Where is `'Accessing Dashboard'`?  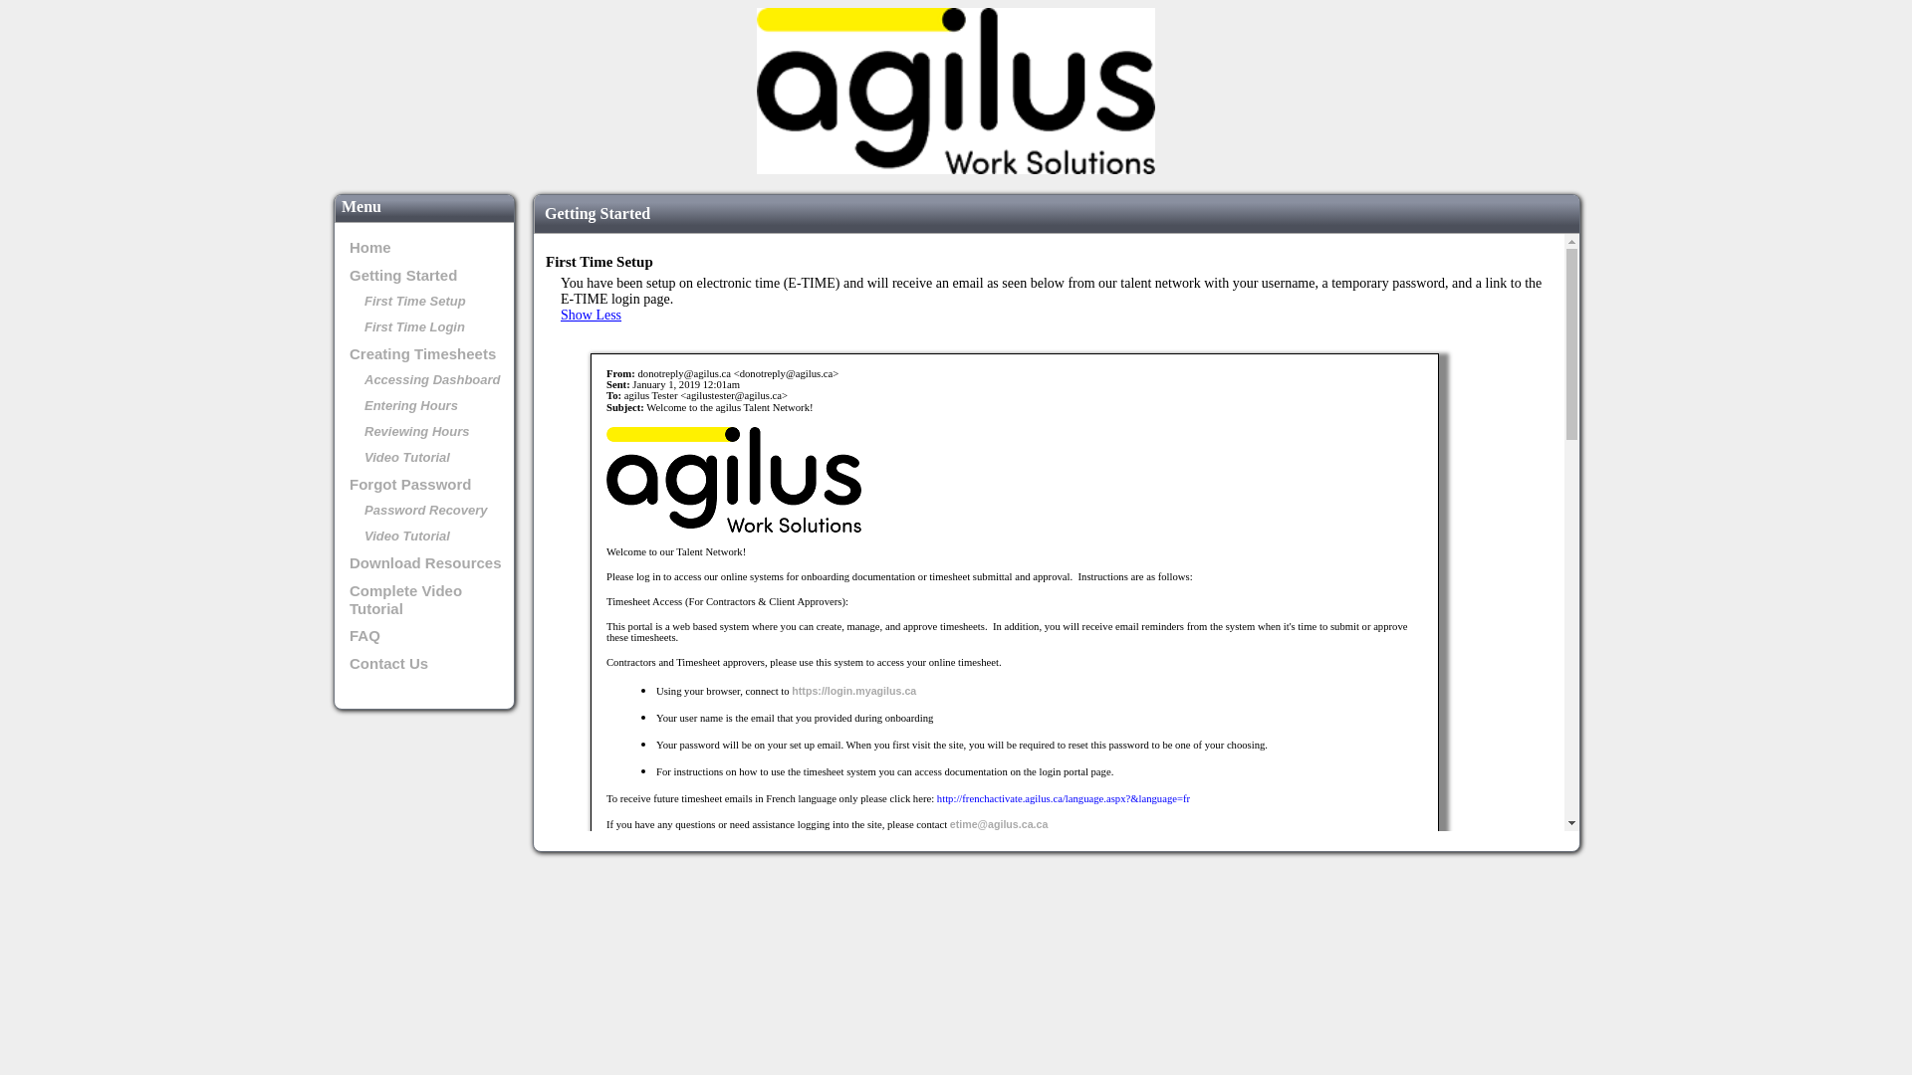
'Accessing Dashboard' is located at coordinates (363, 379).